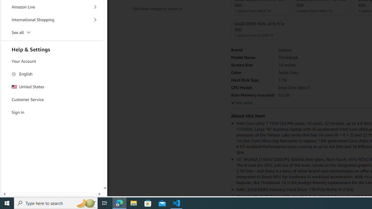  Describe the element at coordinates (52, 48) in the screenshot. I see `'Help & Settings'` at that location.